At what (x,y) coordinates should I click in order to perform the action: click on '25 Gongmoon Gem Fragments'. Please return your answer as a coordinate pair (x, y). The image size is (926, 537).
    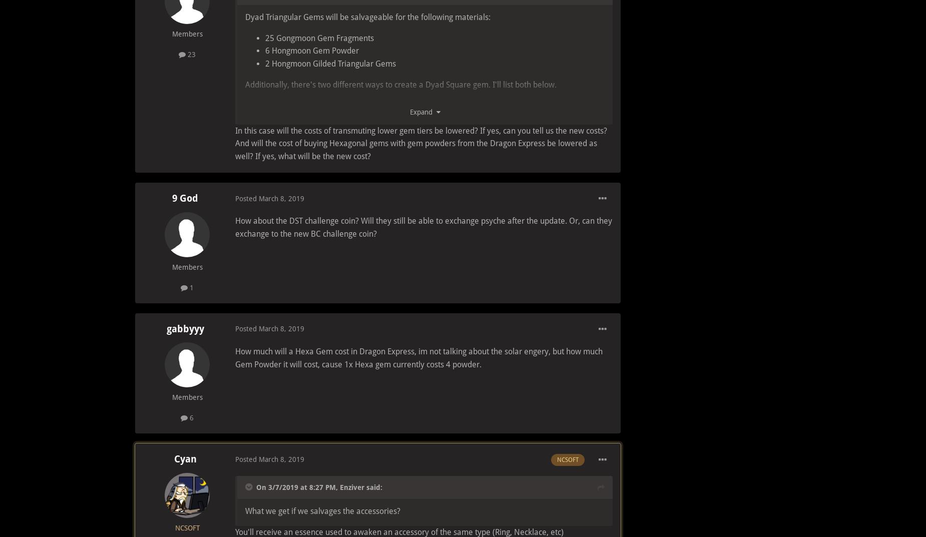
    Looking at the image, I should click on (265, 38).